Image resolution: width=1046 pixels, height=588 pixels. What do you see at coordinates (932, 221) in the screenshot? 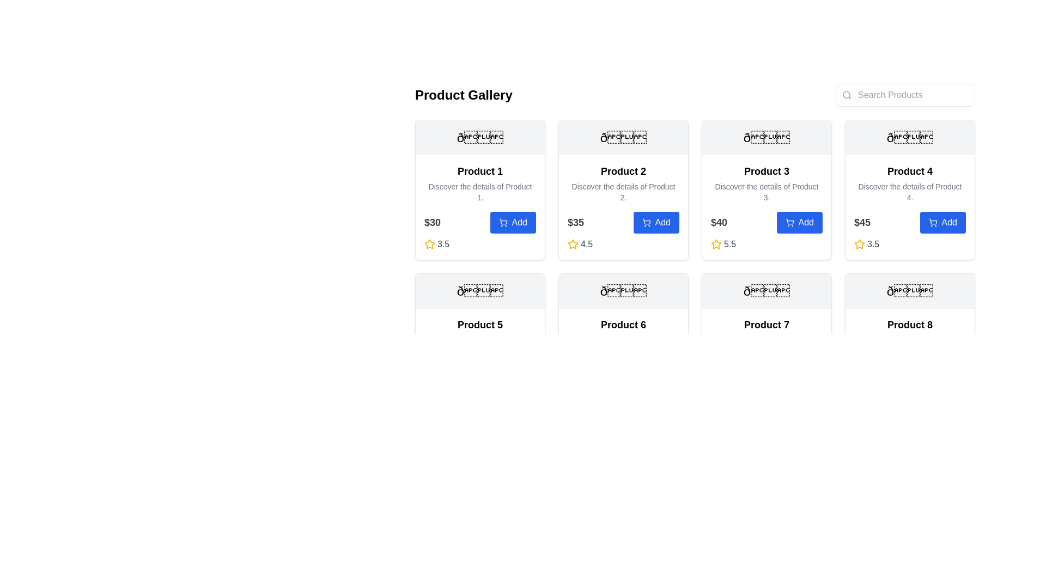
I see `the shopping cart icon located within the 'Add' button section of the fourth product card in the product gallery grid` at bounding box center [932, 221].